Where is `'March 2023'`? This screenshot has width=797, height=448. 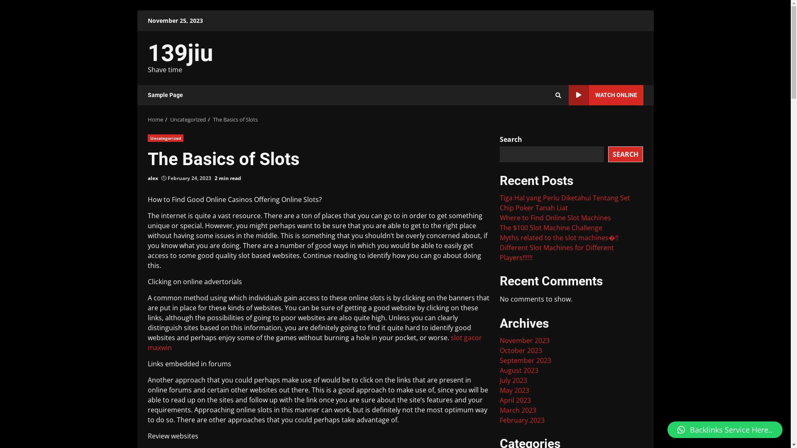
'March 2023' is located at coordinates (518, 409).